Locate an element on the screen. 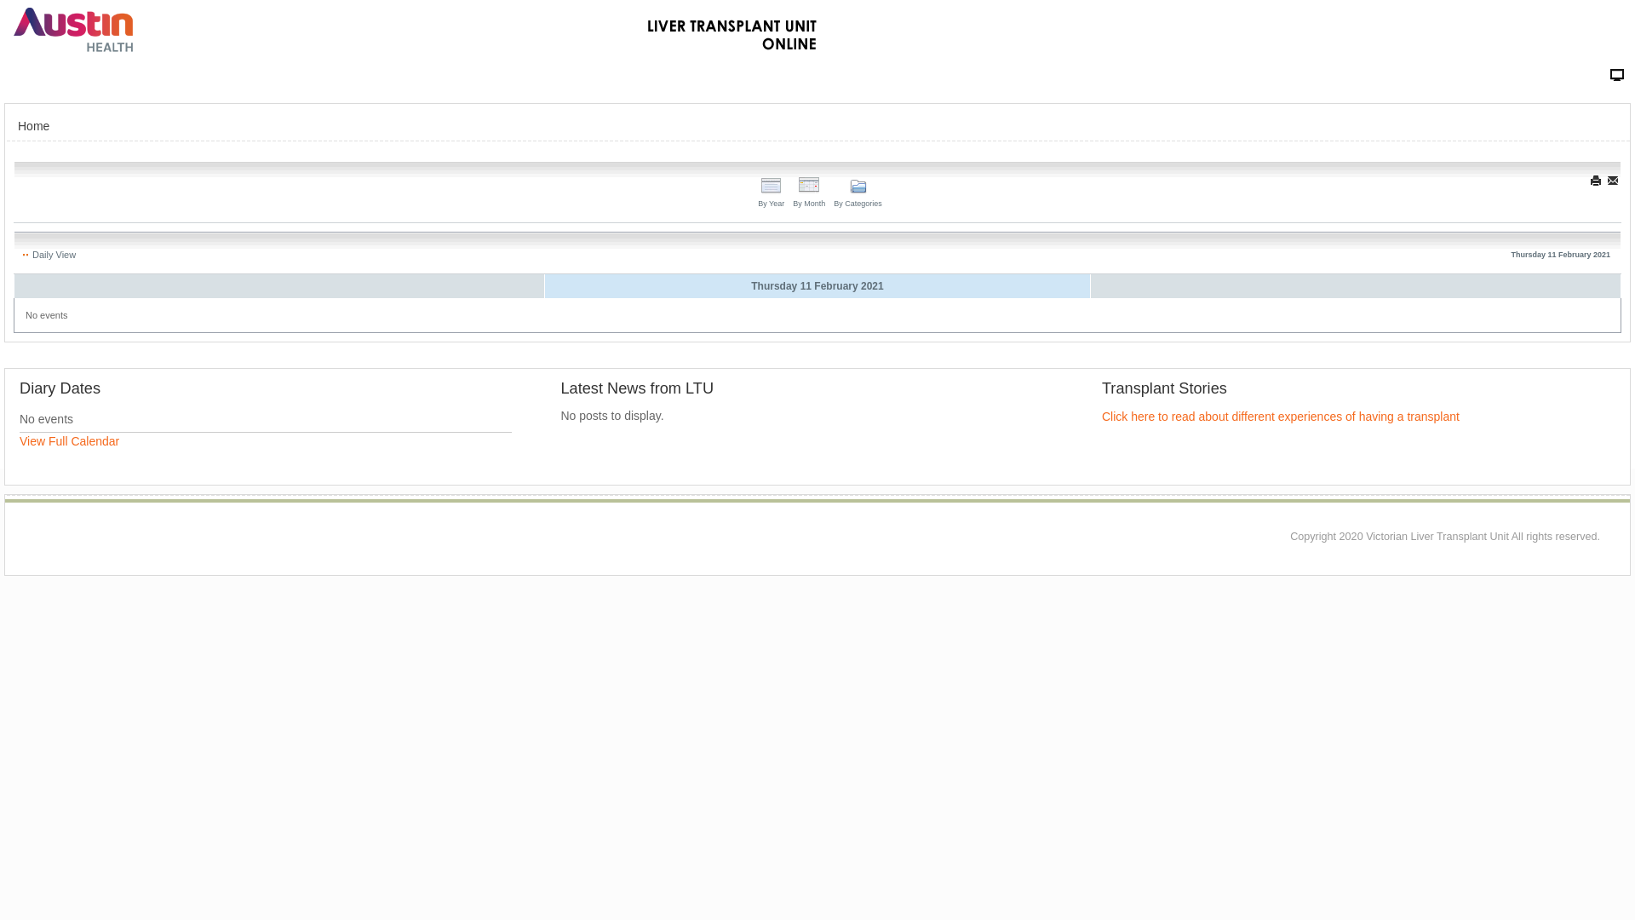 The width and height of the screenshot is (1635, 920). 'Print' is located at coordinates (1596, 181).